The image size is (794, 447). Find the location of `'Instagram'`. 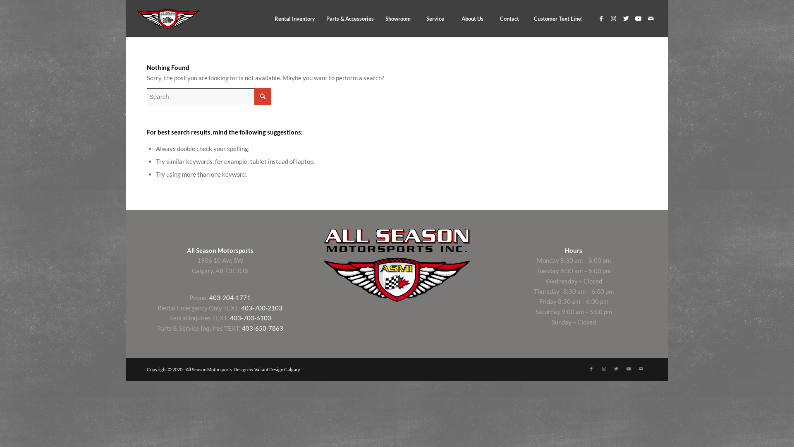

'Instagram' is located at coordinates (603, 368).